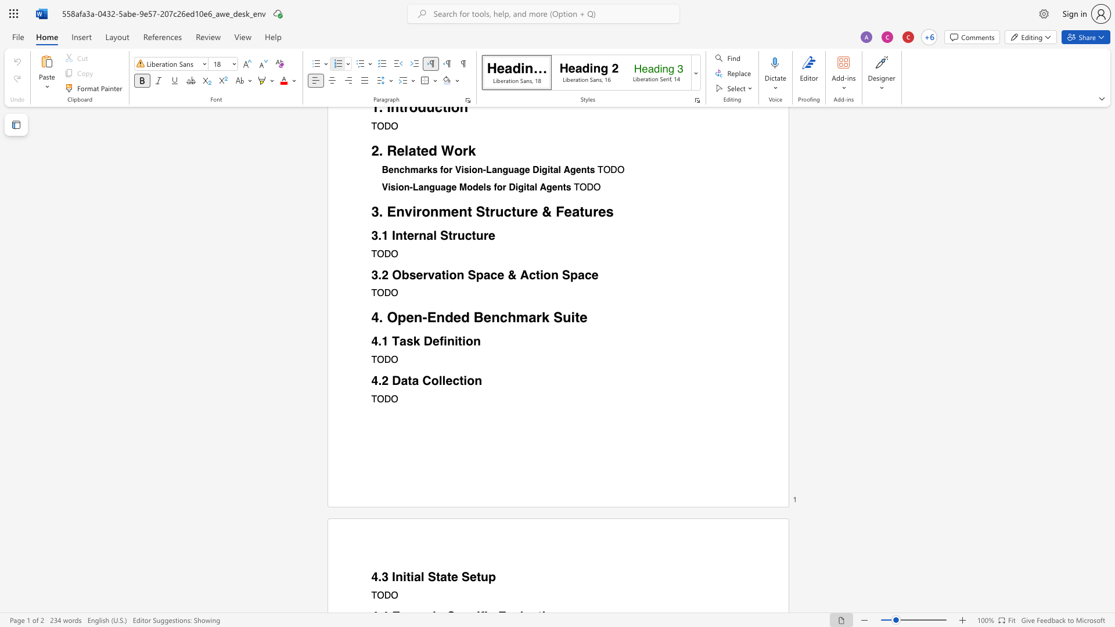  I want to click on the 1th character "C" in the text, so click(426, 380).